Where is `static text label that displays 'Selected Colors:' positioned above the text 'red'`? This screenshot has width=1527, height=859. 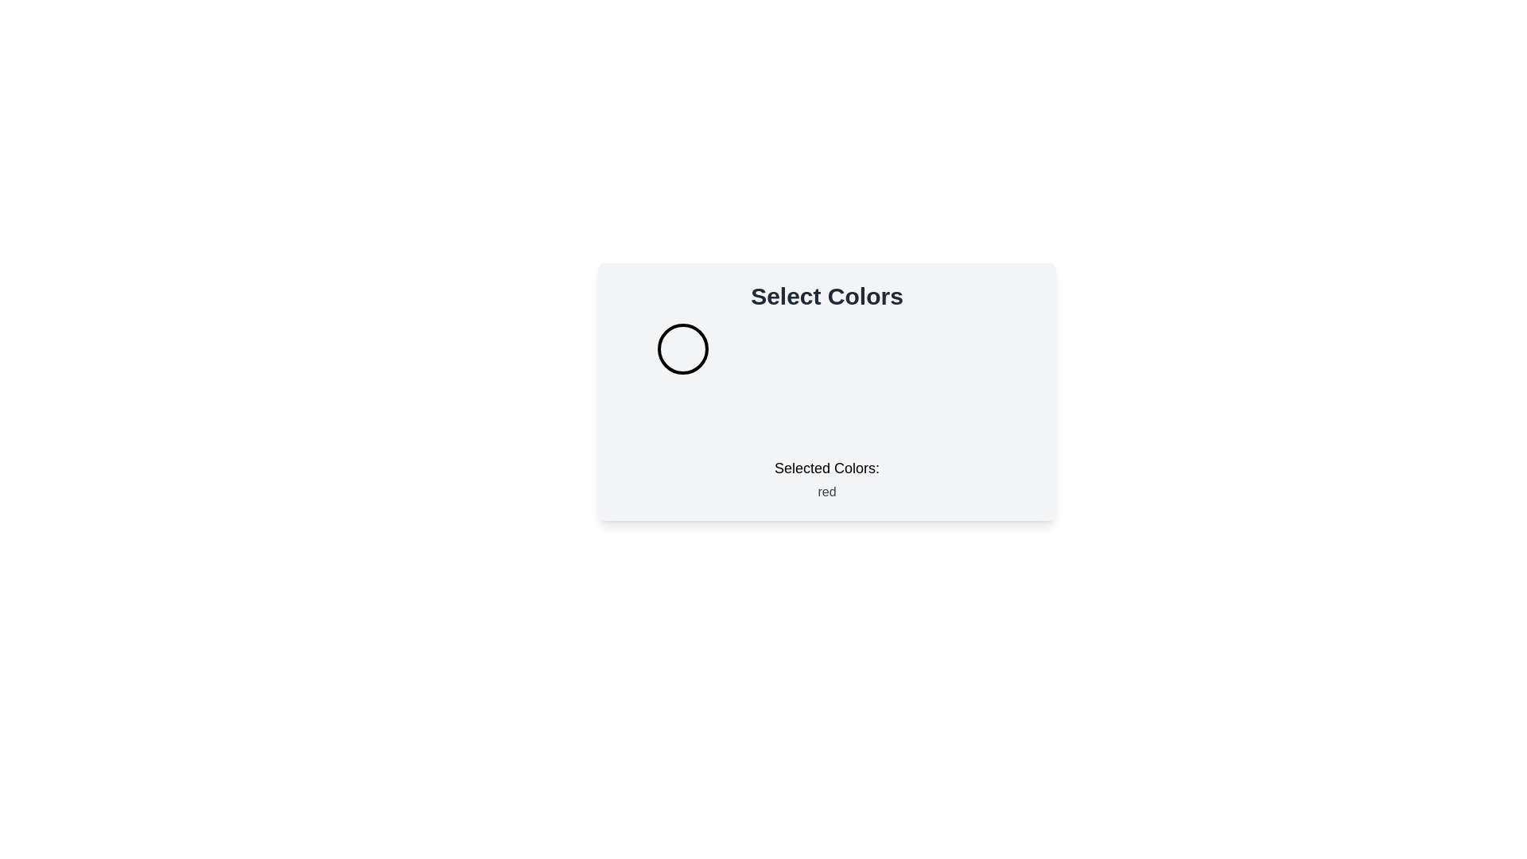
static text label that displays 'Selected Colors:' positioned above the text 'red' is located at coordinates (827, 468).